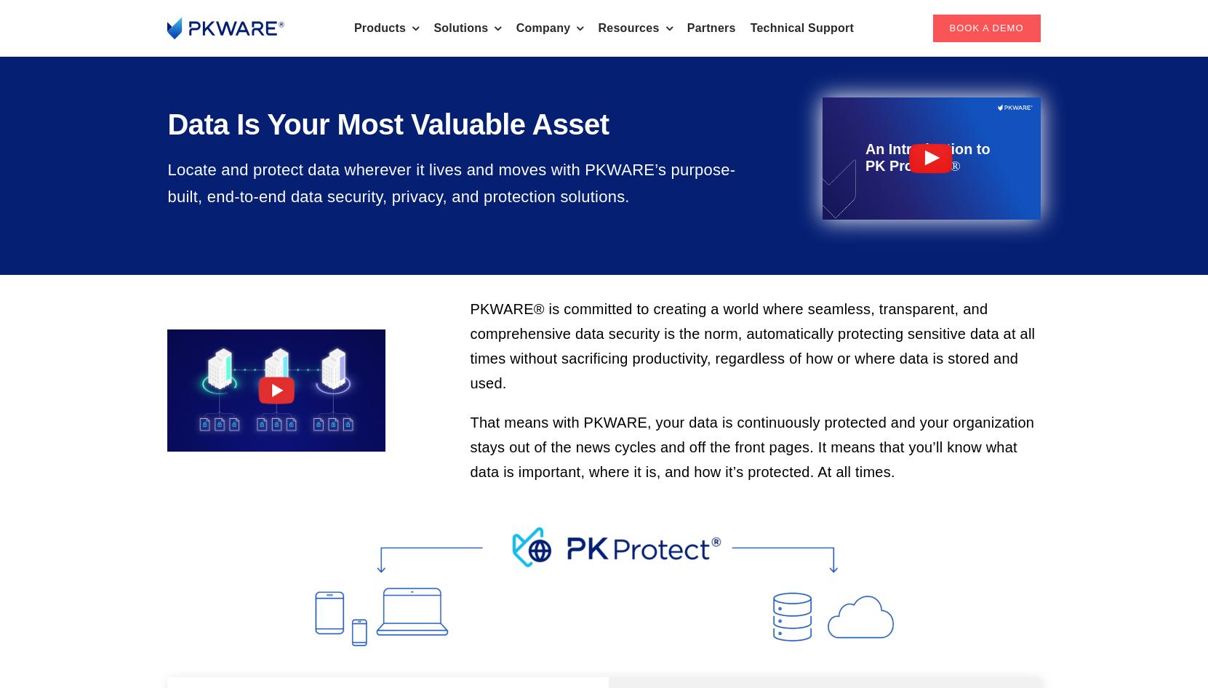  I want to click on 'DSPM', so click(210, 118).